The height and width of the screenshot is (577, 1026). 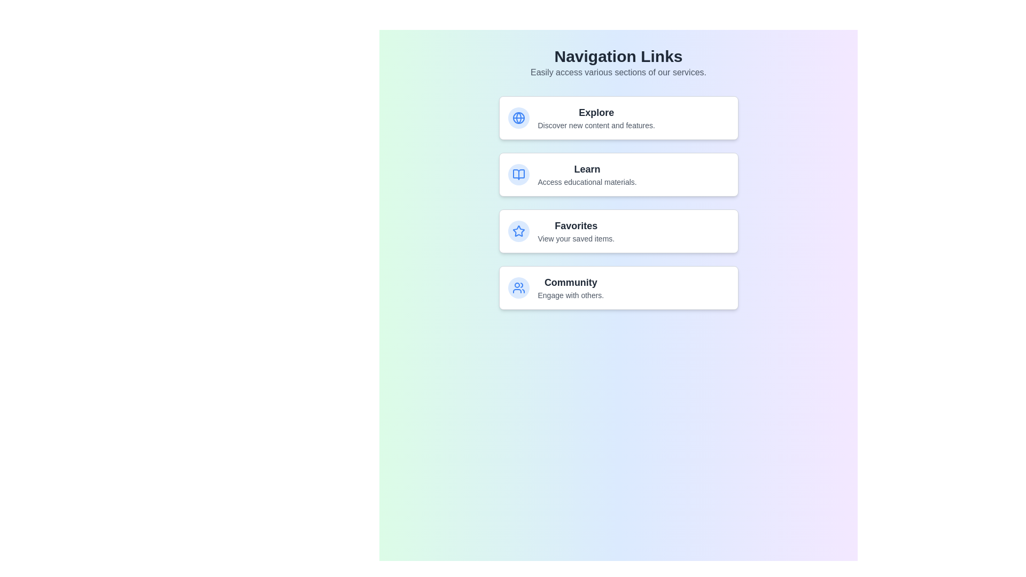 What do you see at coordinates (518, 287) in the screenshot?
I see `the decorative and indicative 'Community' icon, which is positioned to the left of the 'Community' text in the navigation section` at bounding box center [518, 287].